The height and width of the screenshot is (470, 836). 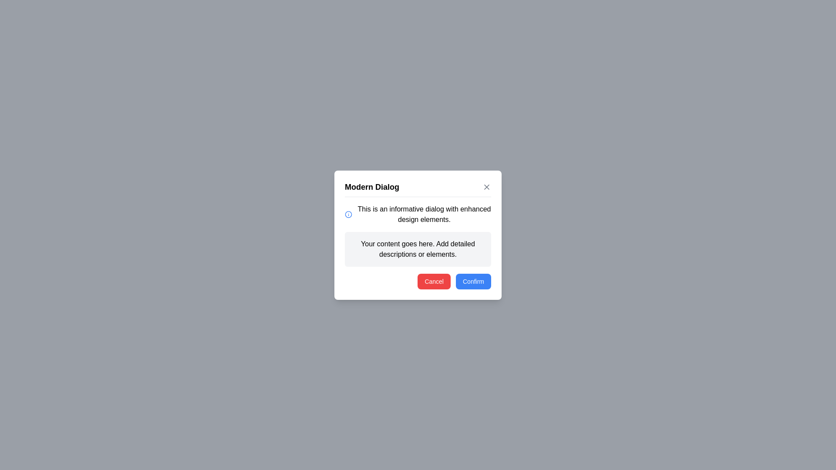 What do you see at coordinates (418, 249) in the screenshot?
I see `the informational text display box located in the lower part of the modal dialog, directly below the text block that reads 'This is an informative dialog with enhanced design elements.'` at bounding box center [418, 249].